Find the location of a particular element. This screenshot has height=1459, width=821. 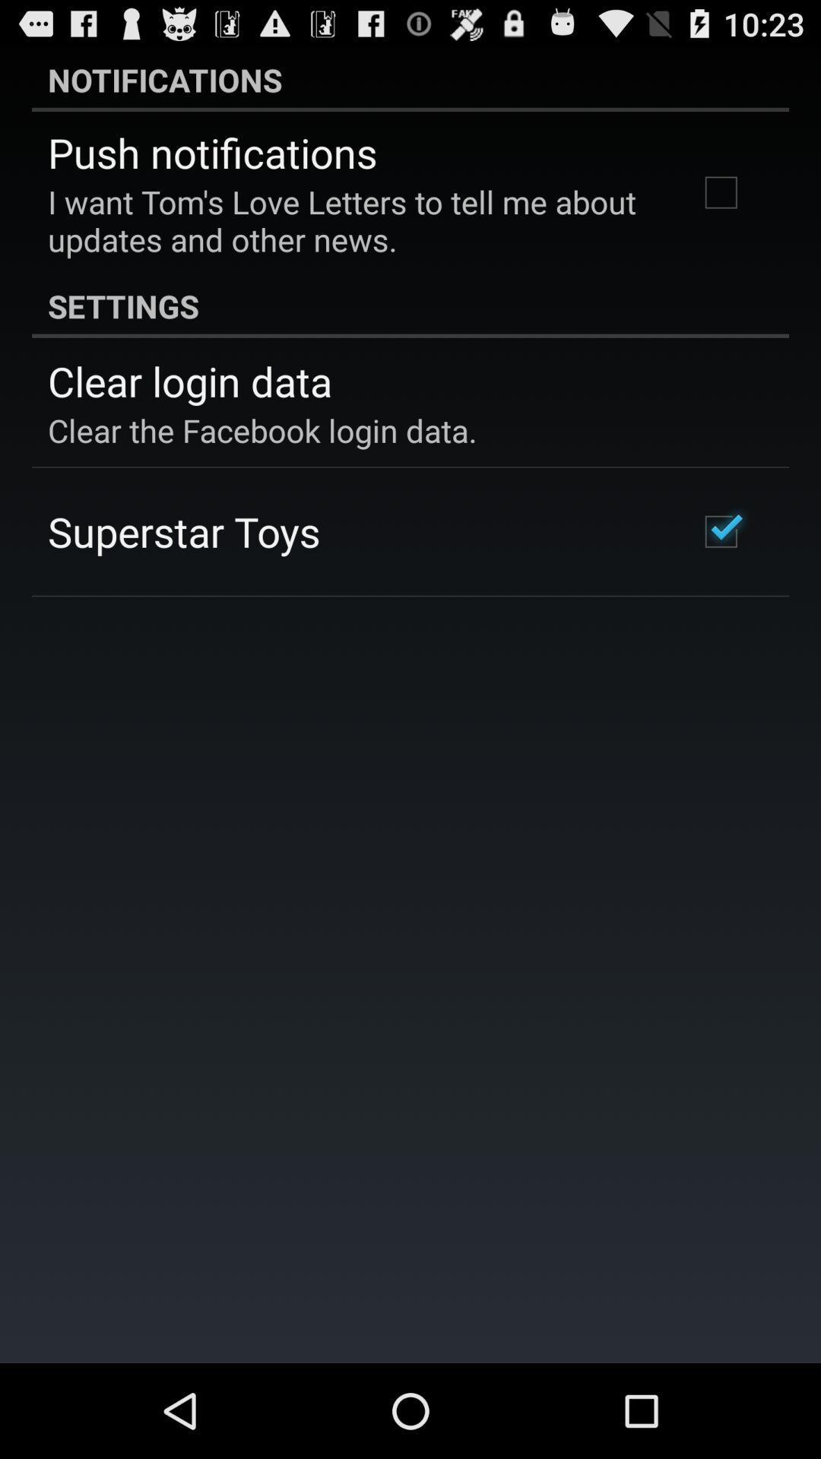

the item above the clear login data is located at coordinates (410, 305).